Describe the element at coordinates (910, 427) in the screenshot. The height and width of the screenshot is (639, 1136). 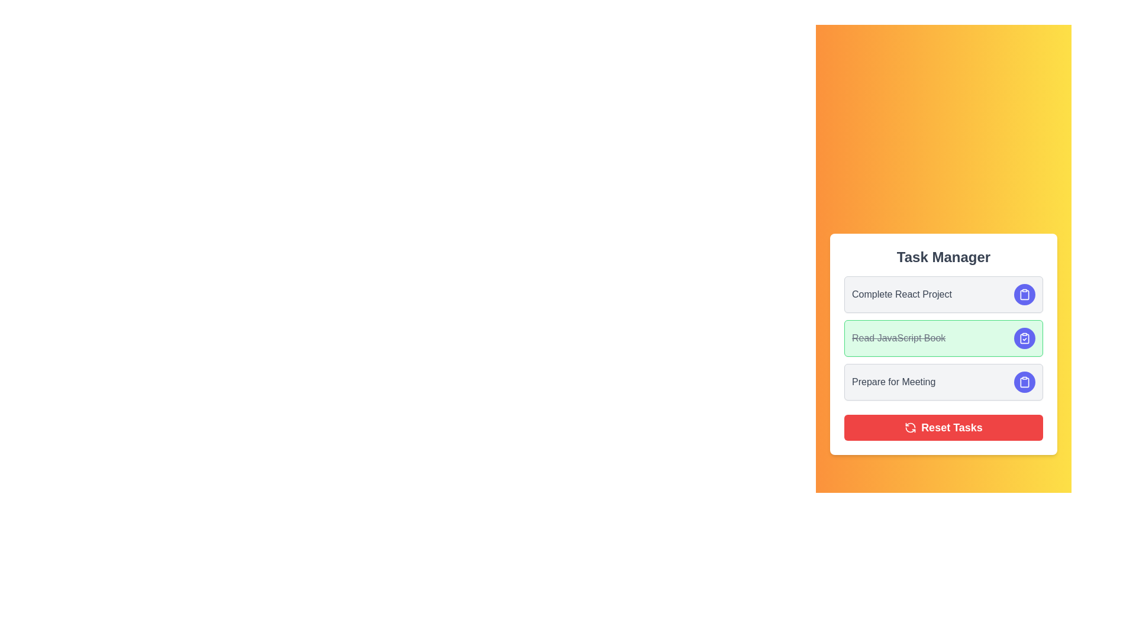
I see `the SVG icon representing the refresh or reset symbol` at that location.